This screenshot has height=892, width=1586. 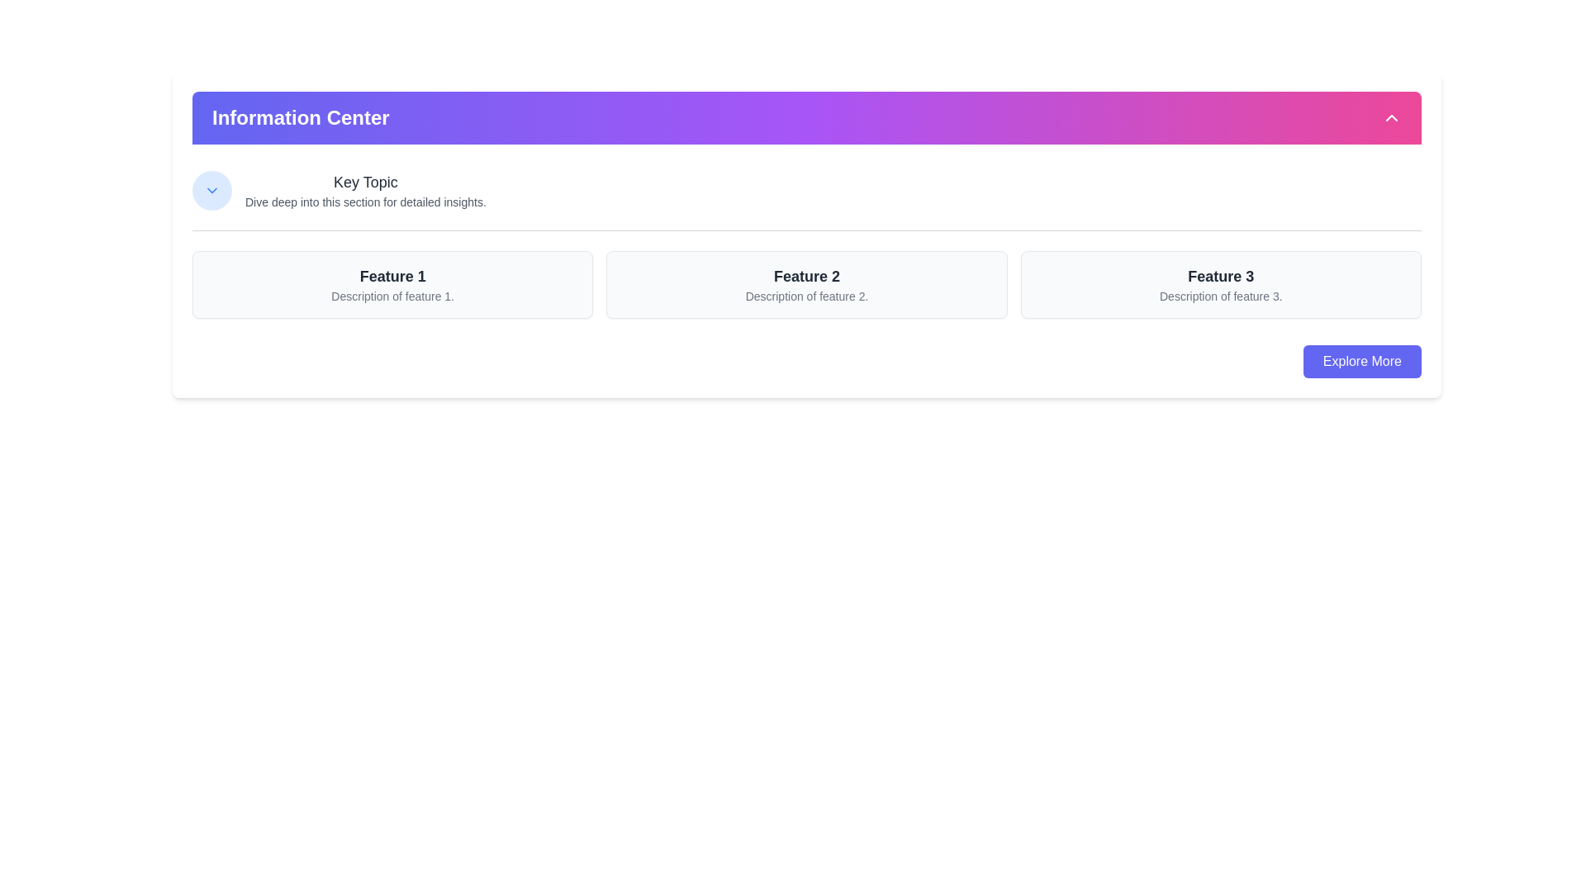 I want to click on the 'Feature 2' text label, which is styled with a bold and larger font size, so click(x=806, y=276).